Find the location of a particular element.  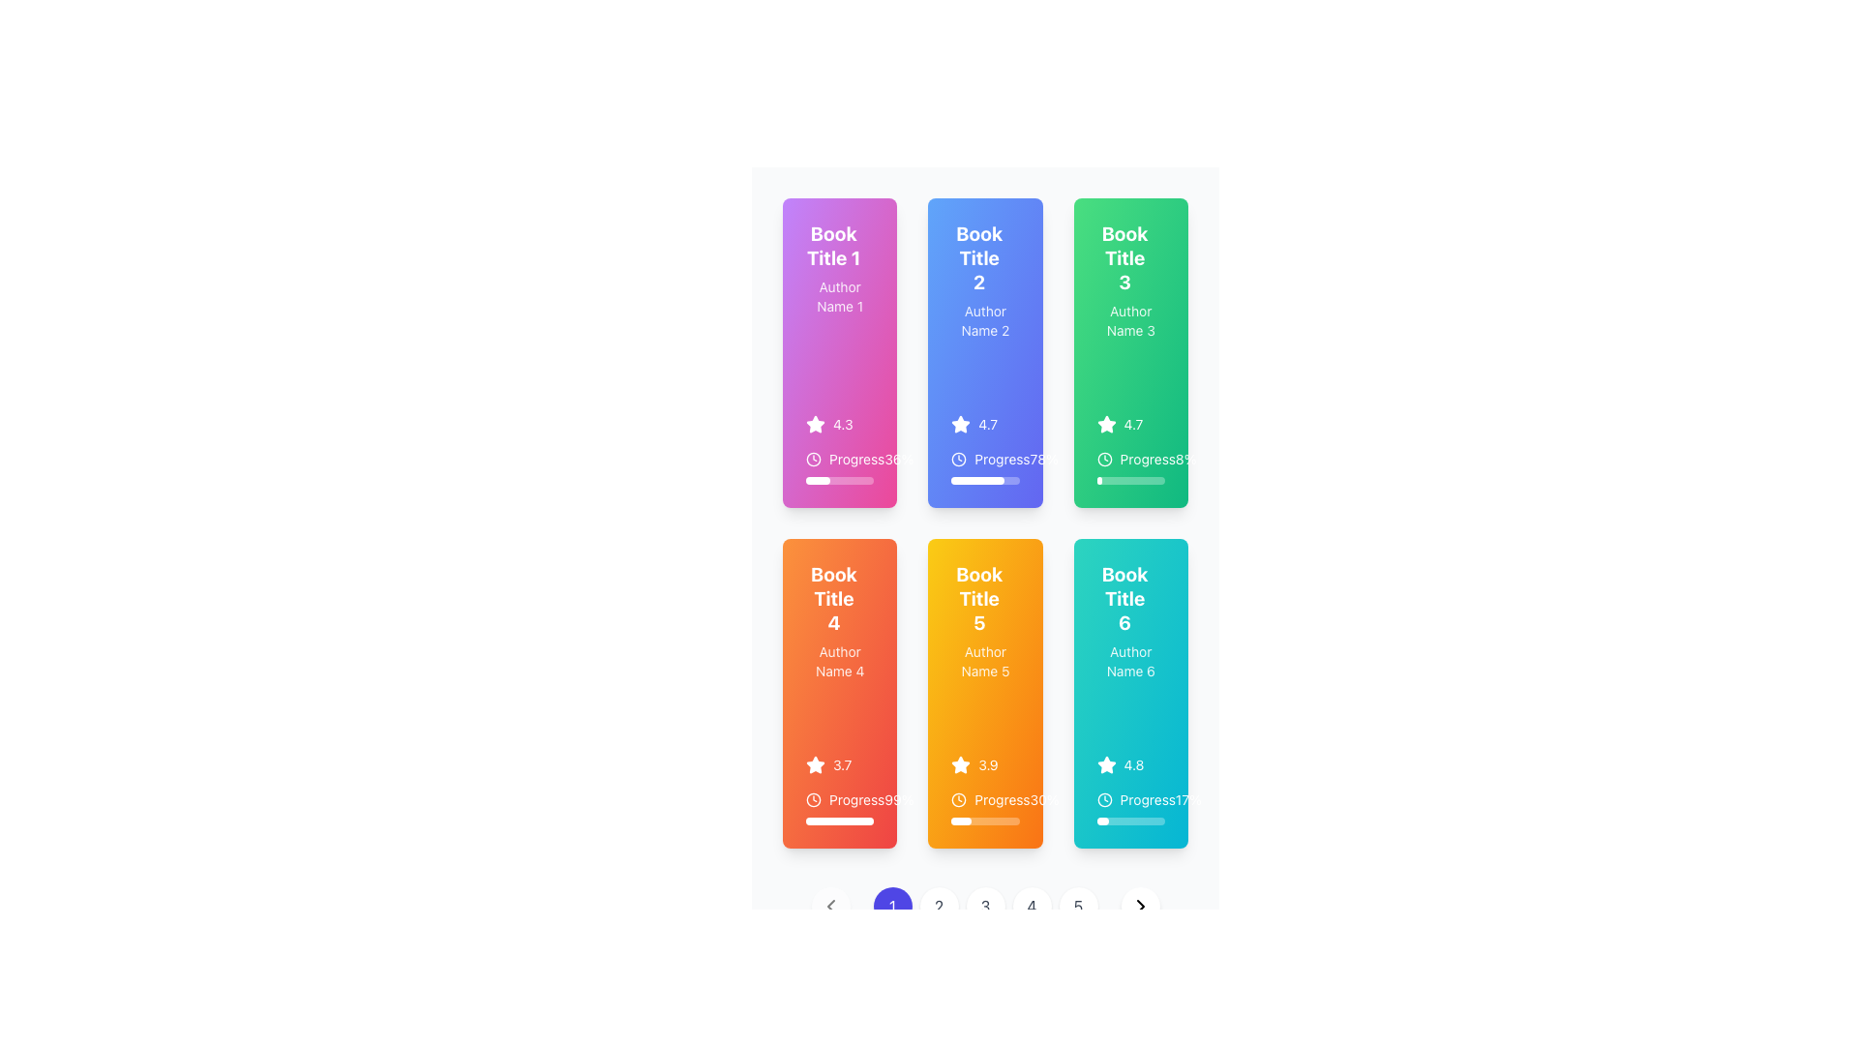

the right-most arrow icon located at the bottom right of the interface is located at coordinates (1140, 907).